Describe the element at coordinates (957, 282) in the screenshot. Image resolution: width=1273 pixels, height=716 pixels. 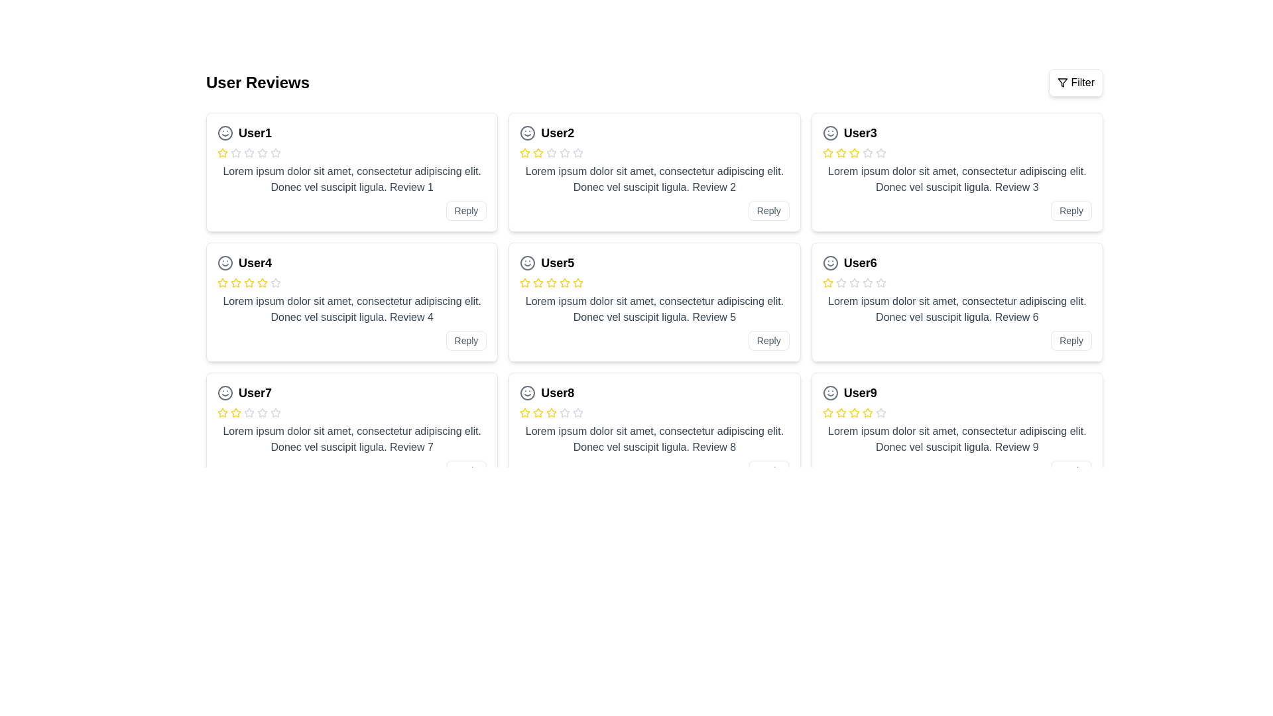
I see `the Rating control for 'User6' in the second row of the review cards` at that location.